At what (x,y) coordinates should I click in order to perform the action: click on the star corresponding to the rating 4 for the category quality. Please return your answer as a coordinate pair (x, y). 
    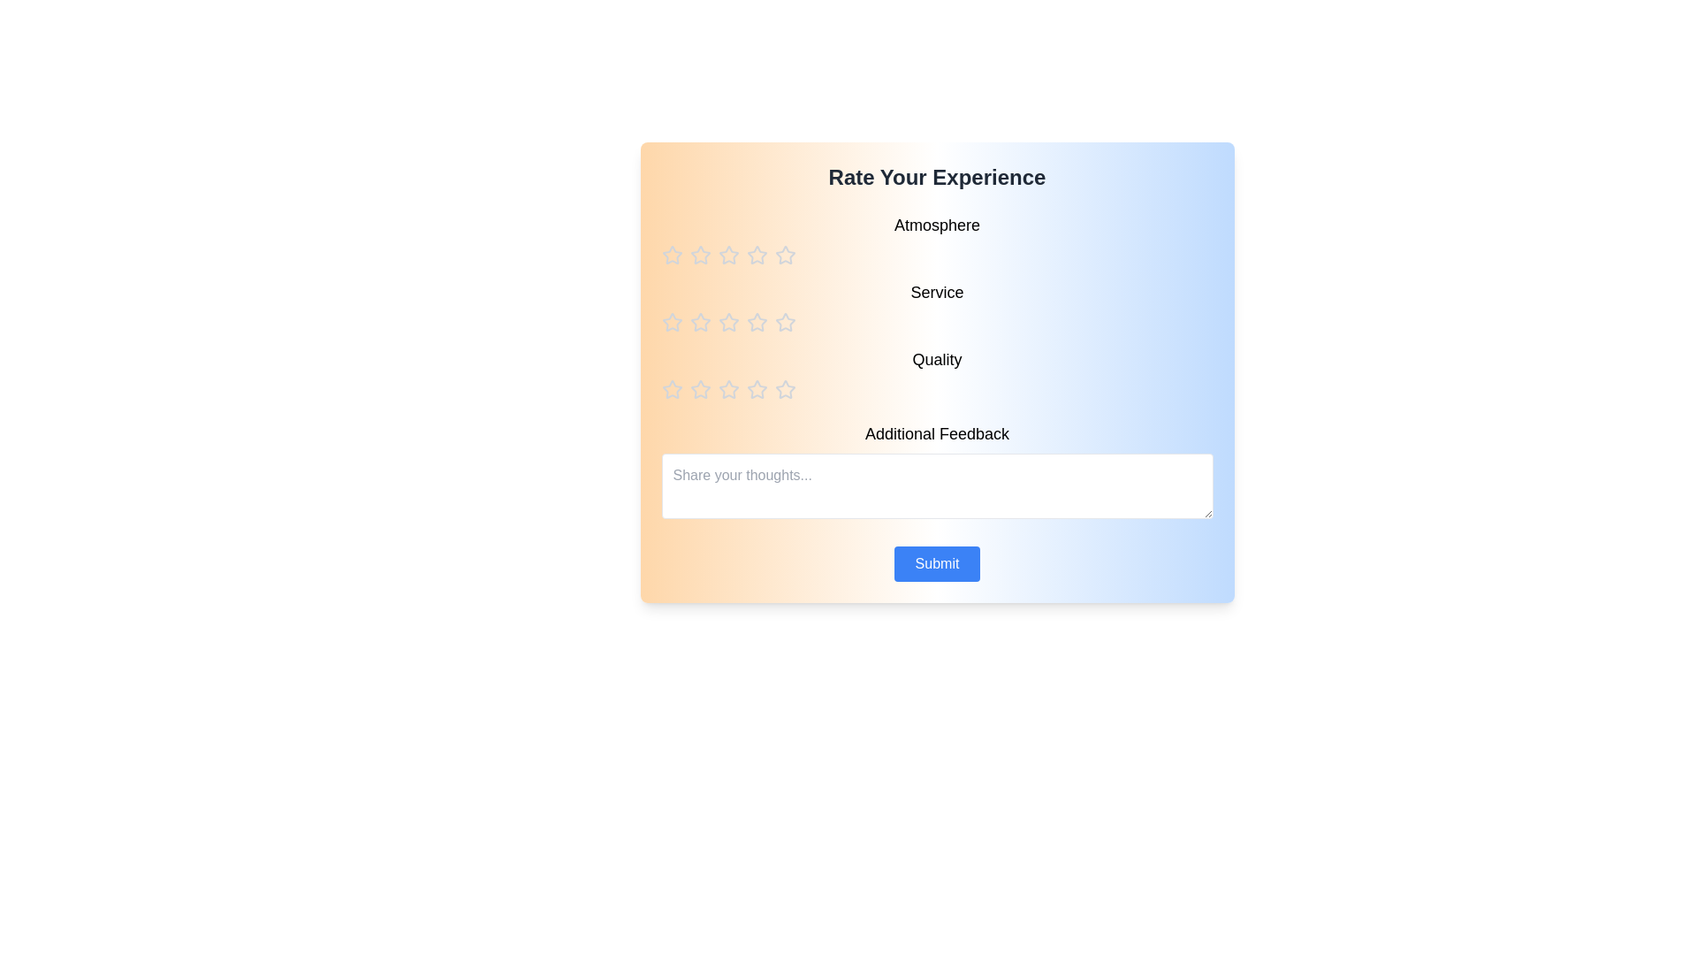
    Looking at the image, I should click on (757, 388).